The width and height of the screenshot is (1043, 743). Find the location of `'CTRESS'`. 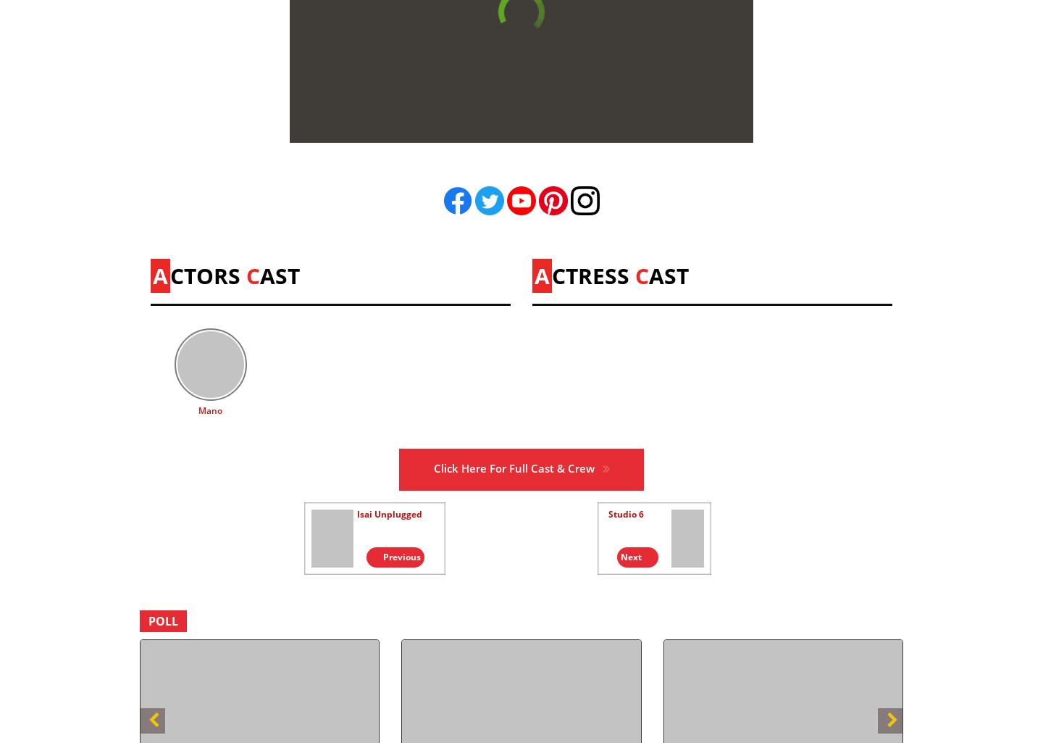

'CTRESS' is located at coordinates (551, 275).